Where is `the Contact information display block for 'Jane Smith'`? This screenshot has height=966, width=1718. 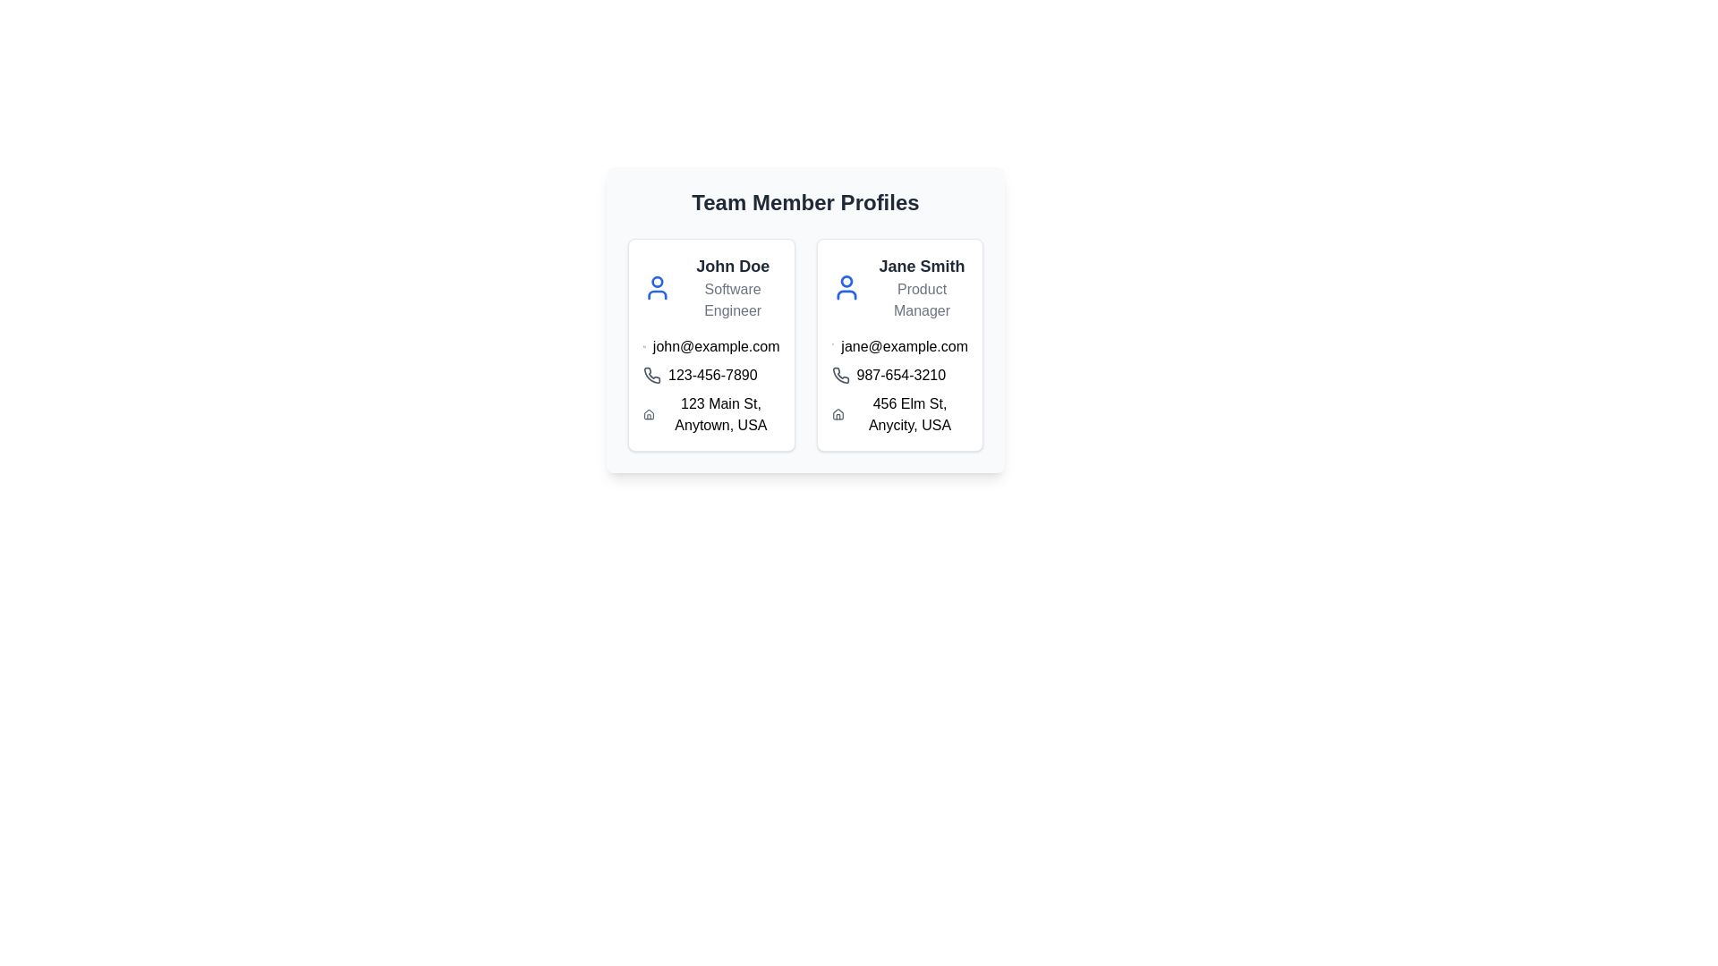 the Contact information display block for 'Jane Smith' is located at coordinates (899, 386).